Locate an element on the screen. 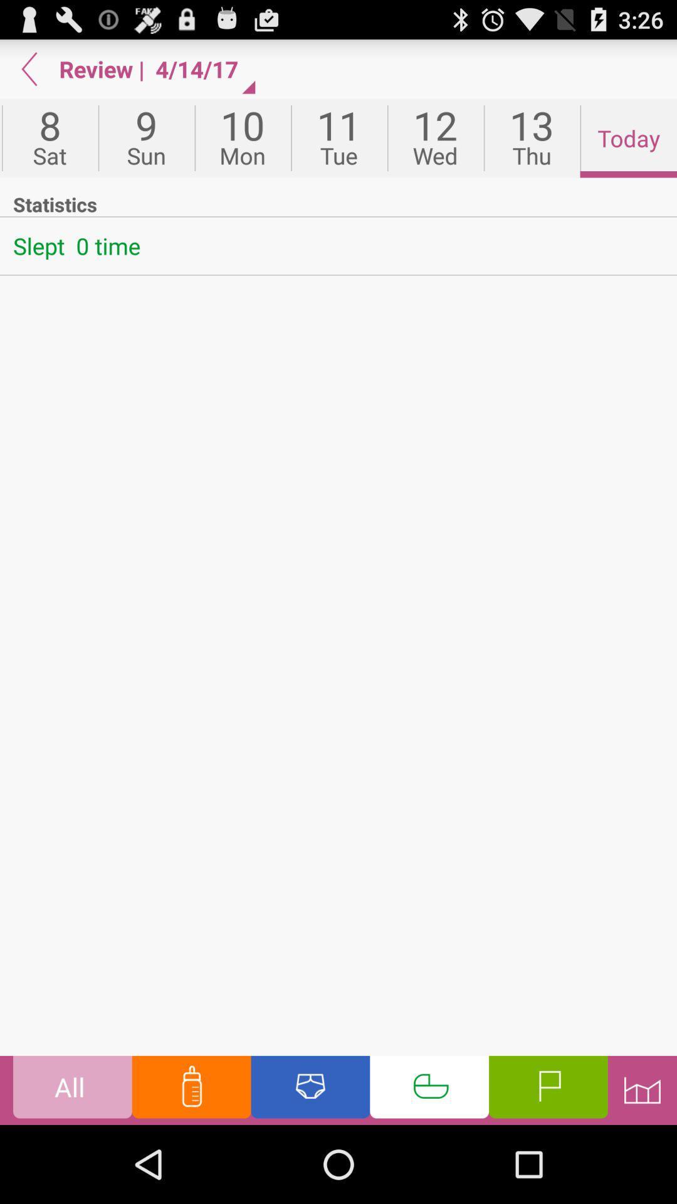  the icon next to the review is located at coordinates (29, 68).